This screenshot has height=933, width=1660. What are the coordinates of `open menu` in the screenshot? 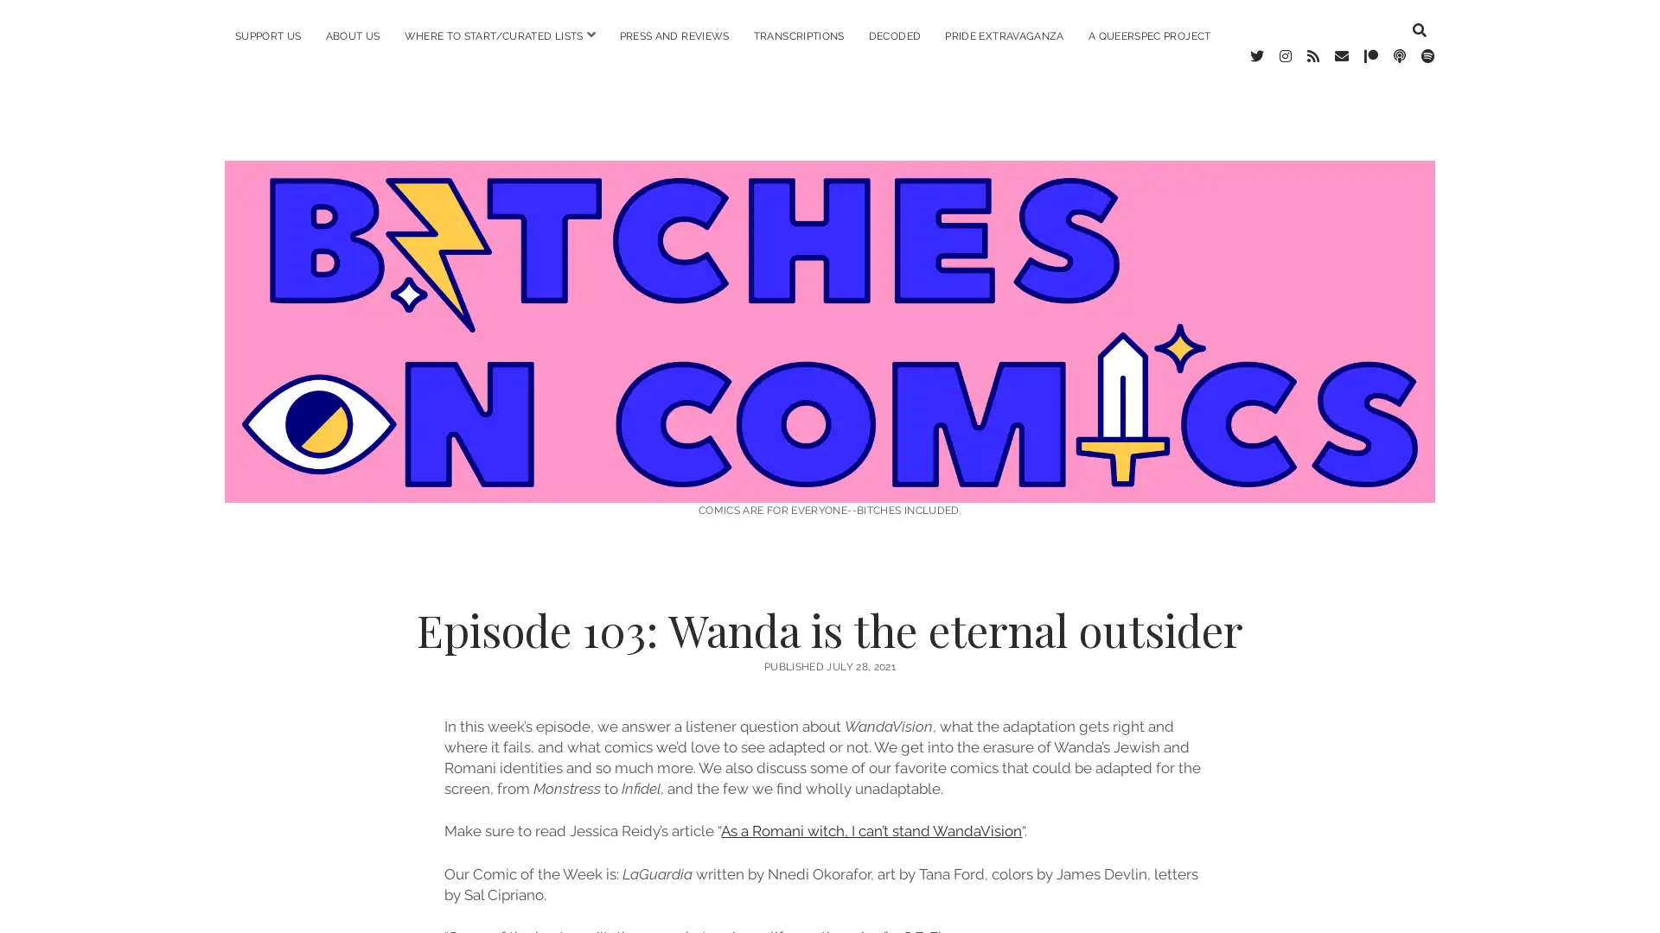 It's located at (590, 35).